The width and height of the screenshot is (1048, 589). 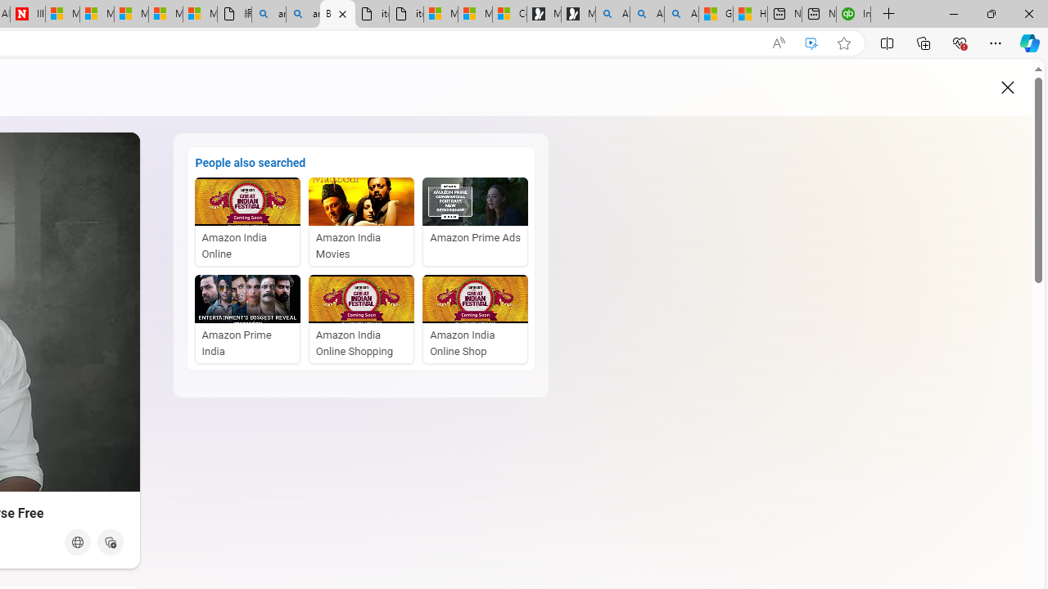 I want to click on 'Bing Videos - Audio playing', so click(x=337, y=14).